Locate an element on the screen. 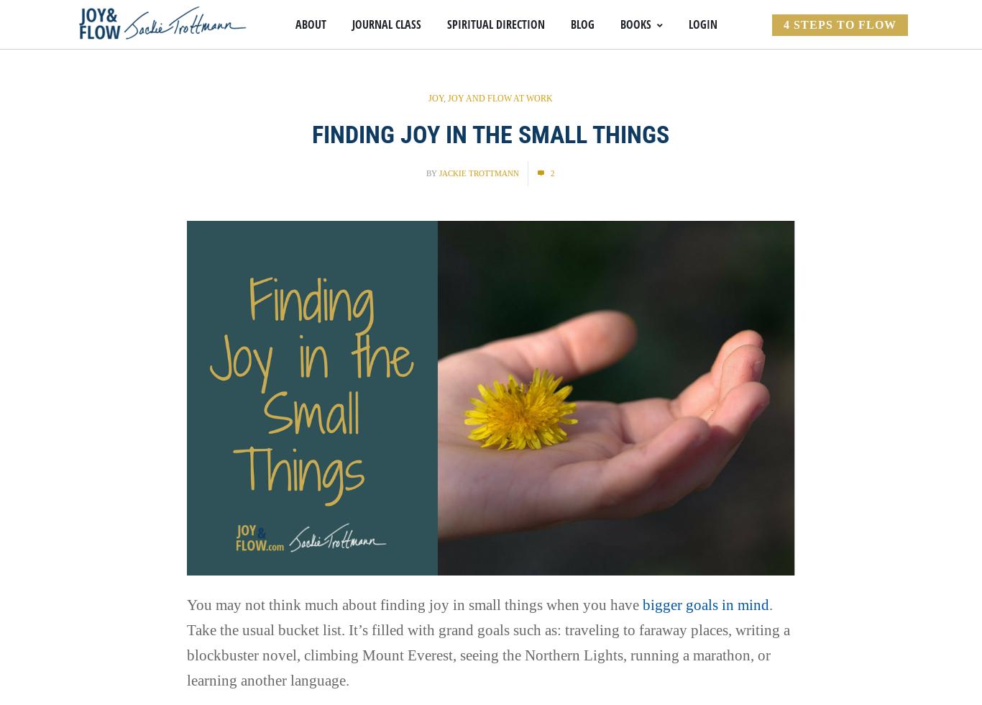 This screenshot has width=982, height=705. 'Blog' is located at coordinates (582, 24).